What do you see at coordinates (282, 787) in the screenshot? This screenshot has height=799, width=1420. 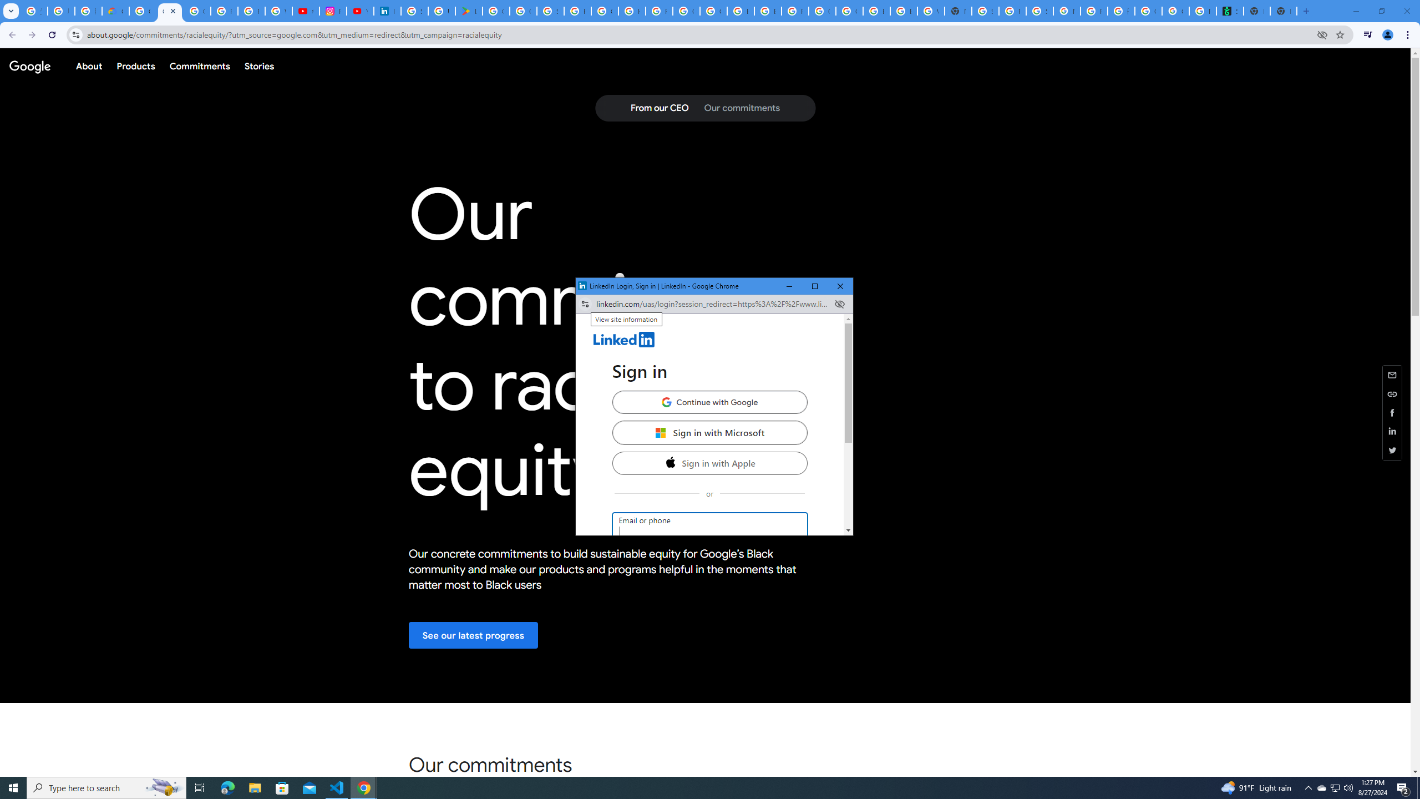 I see `'Microsoft Store'` at bounding box center [282, 787].